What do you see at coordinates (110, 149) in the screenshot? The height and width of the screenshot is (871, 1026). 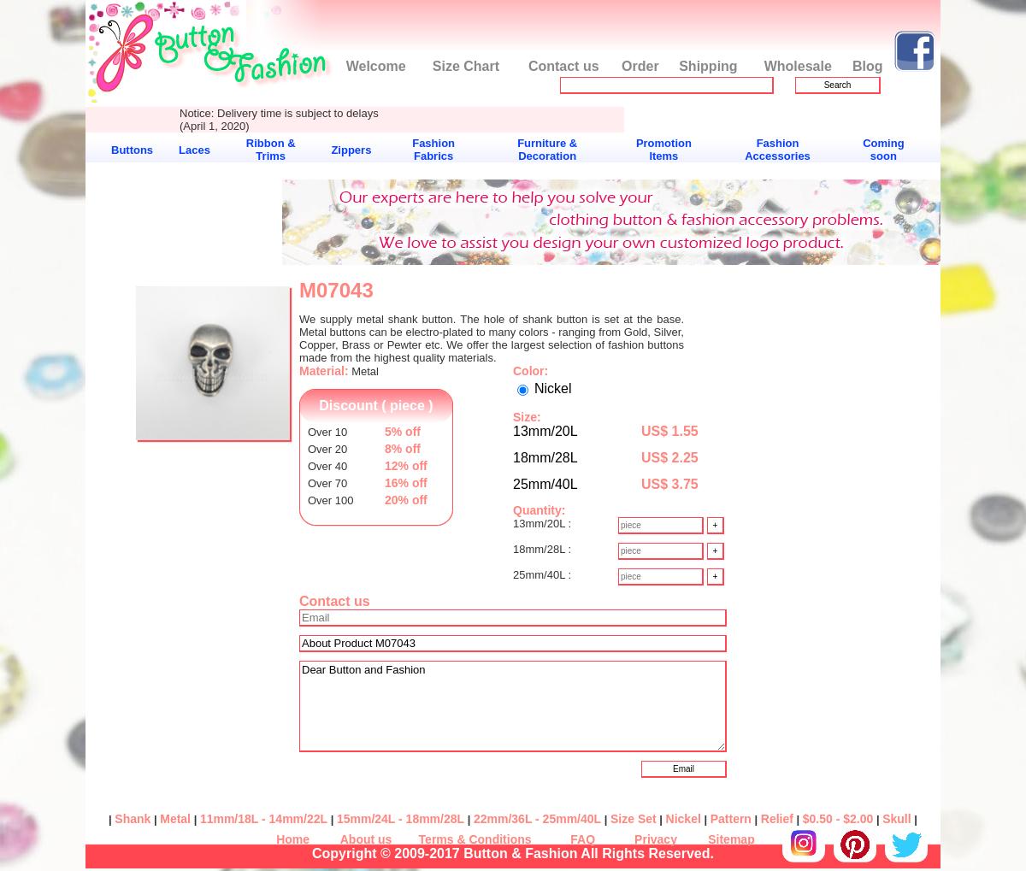 I see `'Buttons'` at bounding box center [110, 149].